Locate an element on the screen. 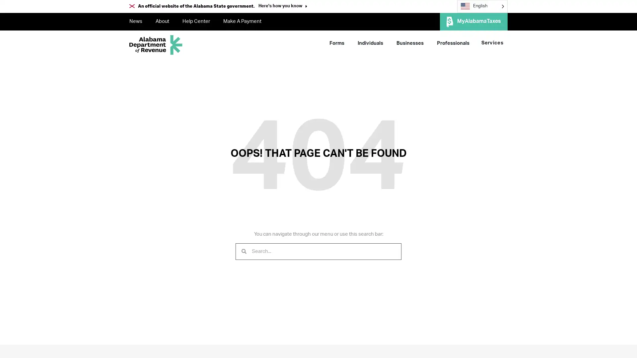 The width and height of the screenshot is (637, 358). Here's how you know is located at coordinates (283, 6).